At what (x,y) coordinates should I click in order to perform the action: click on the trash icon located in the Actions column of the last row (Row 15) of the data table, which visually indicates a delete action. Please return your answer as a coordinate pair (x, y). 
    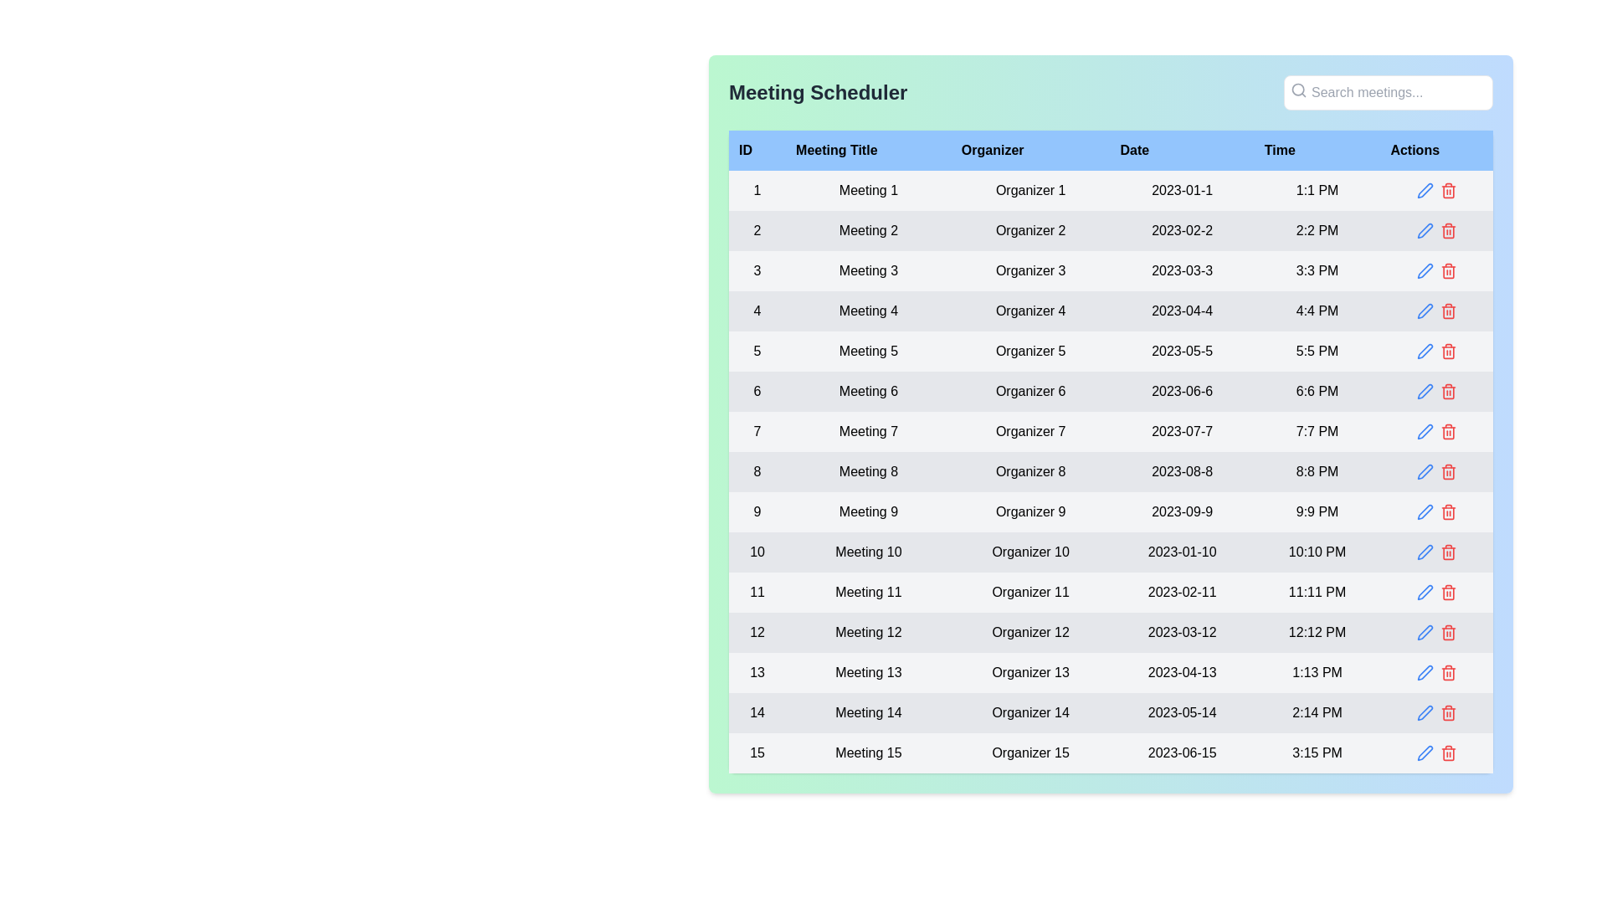
    Looking at the image, I should click on (1447, 714).